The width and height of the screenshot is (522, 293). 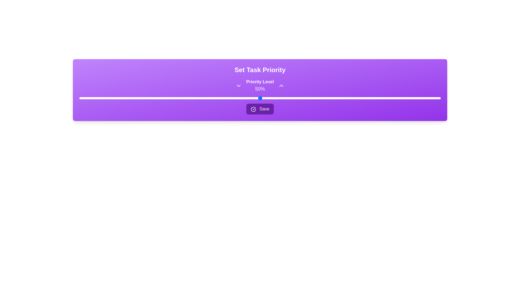 I want to click on the chevron icon button, so click(x=238, y=85).